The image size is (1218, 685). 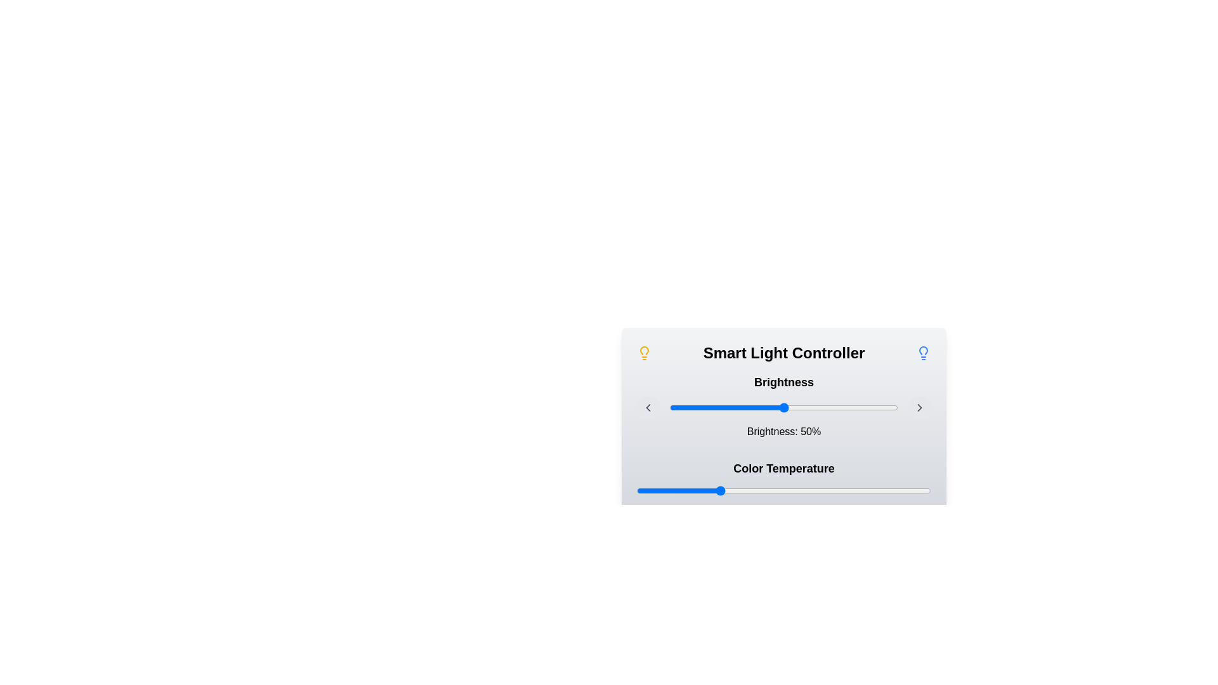 I want to click on the yellow light bulb icon located to the left of the 'Smart Light Controller' label to interact with the controller features, so click(x=645, y=353).